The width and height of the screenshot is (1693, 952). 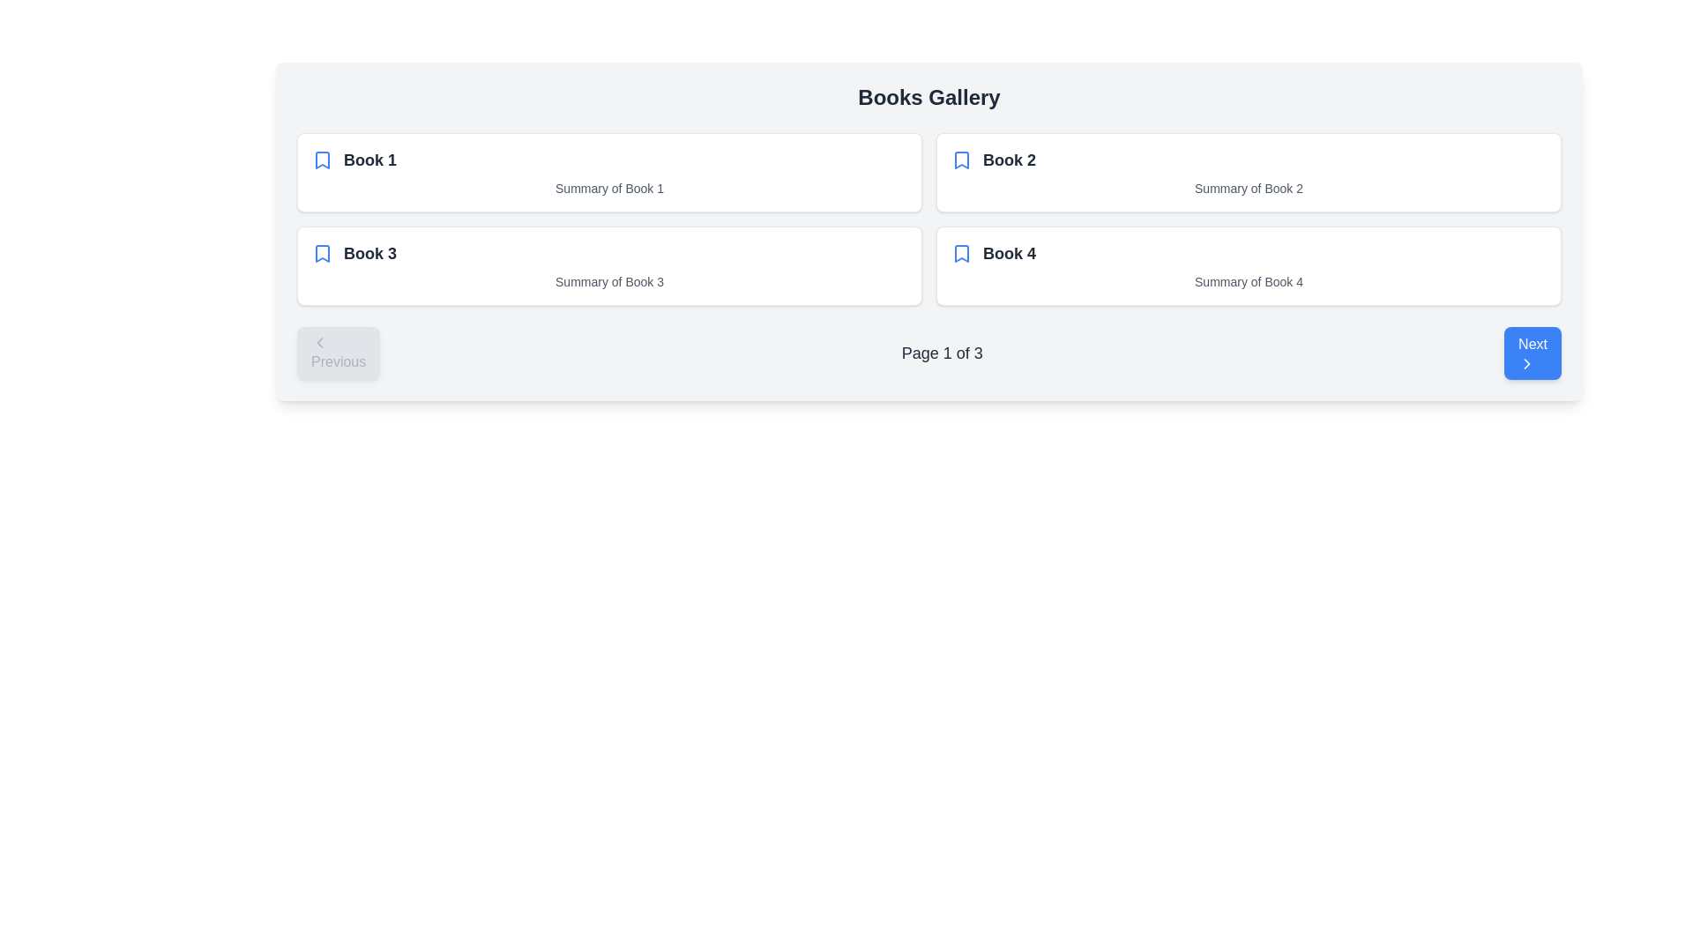 What do you see at coordinates (322, 254) in the screenshot?
I see `the SVG-based bookmark icon representing 'Book 3', which is positioned at the leftmost end of the row containing the text` at bounding box center [322, 254].